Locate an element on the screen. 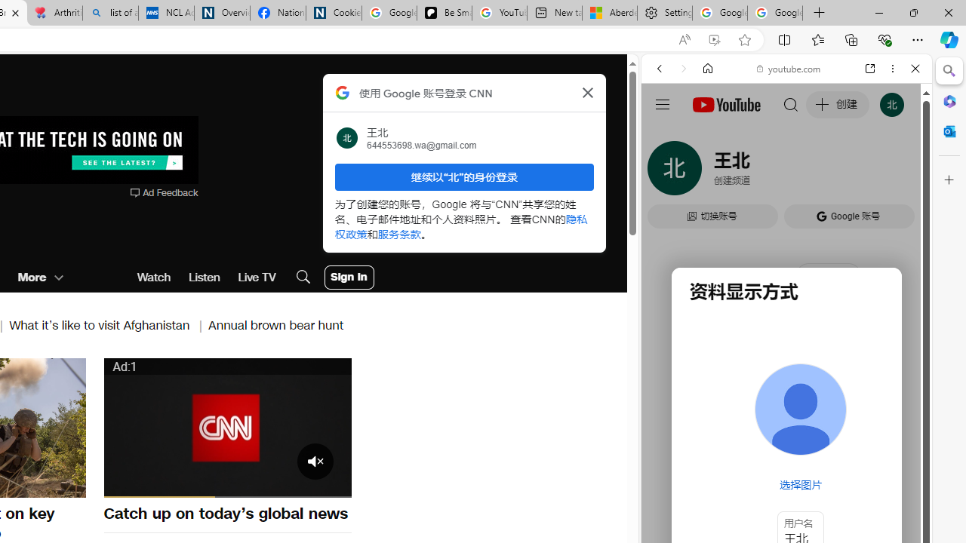 The width and height of the screenshot is (966, 543). 'Close Customize pane' is located at coordinates (949, 179).